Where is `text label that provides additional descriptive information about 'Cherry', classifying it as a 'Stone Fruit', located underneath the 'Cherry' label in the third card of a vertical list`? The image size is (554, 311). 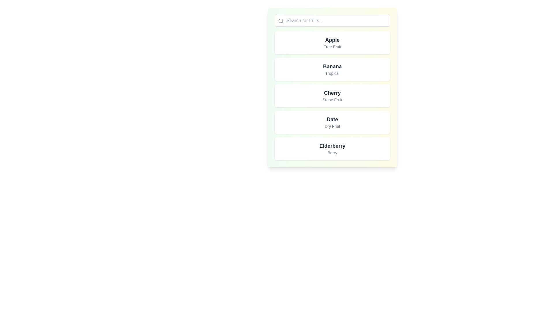
text label that provides additional descriptive information about 'Cherry', classifying it as a 'Stone Fruit', located underneath the 'Cherry' label in the third card of a vertical list is located at coordinates (332, 100).